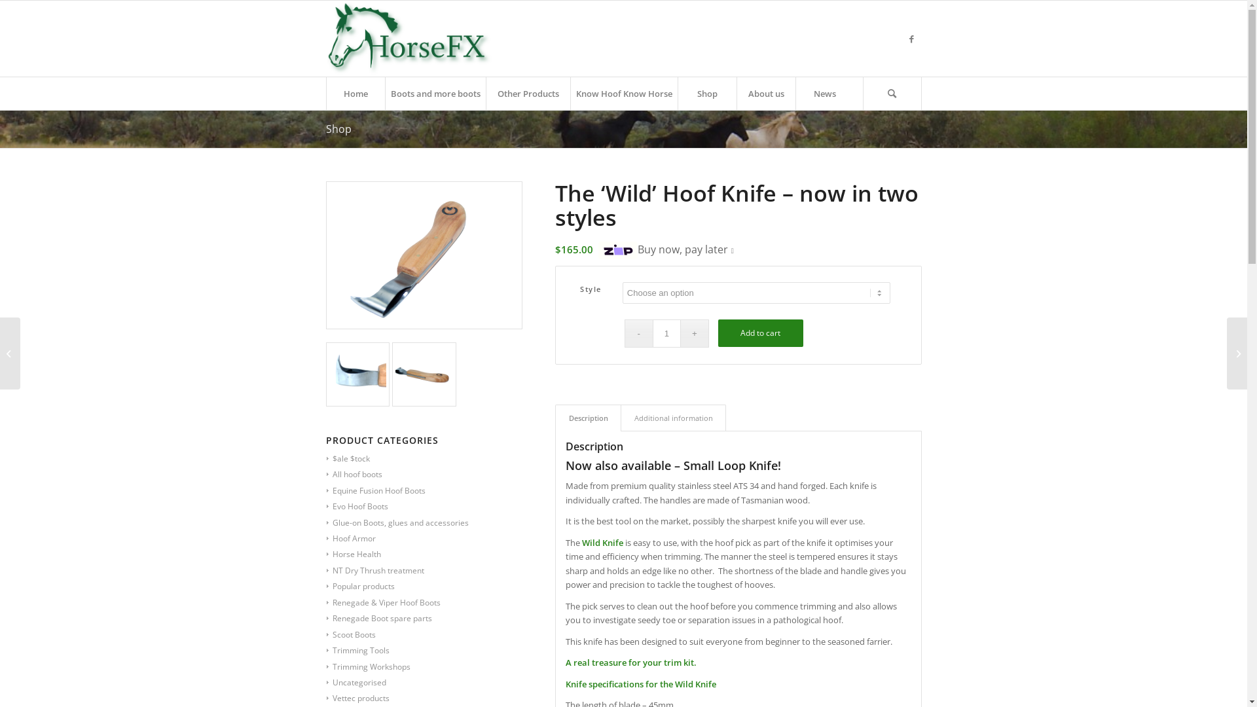  I want to click on 'Hoof Armor', so click(326, 538).